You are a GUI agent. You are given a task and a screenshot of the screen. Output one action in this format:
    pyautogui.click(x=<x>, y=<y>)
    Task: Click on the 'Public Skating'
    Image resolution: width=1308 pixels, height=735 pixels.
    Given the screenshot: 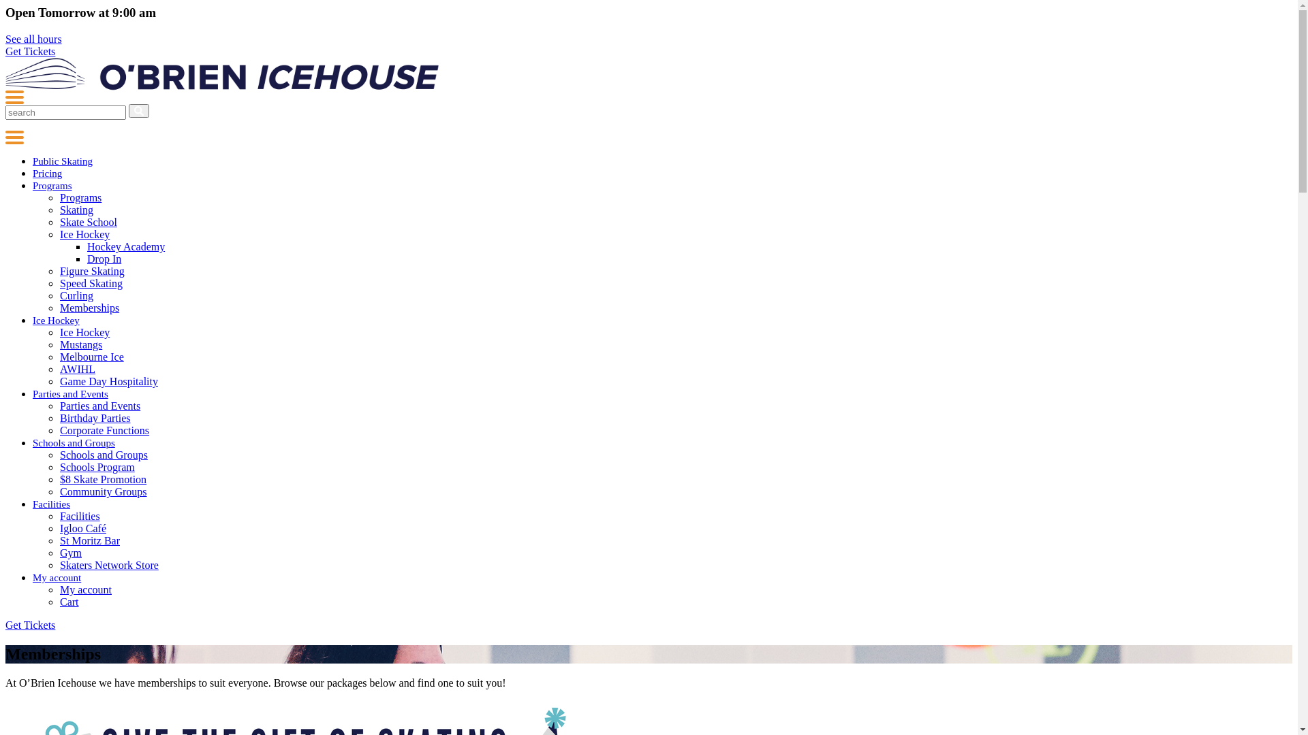 What is the action you would take?
    pyautogui.click(x=33, y=160)
    